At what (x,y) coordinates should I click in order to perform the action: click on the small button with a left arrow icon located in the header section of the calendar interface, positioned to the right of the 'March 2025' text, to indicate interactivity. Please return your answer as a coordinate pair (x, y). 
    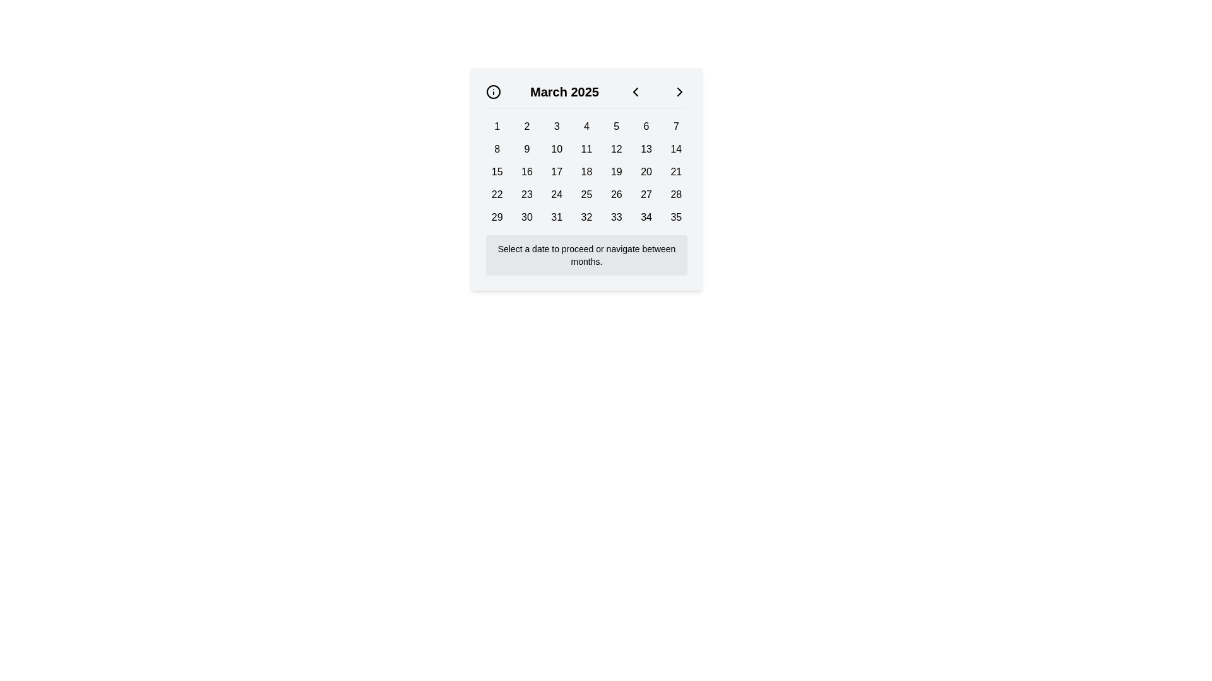
    Looking at the image, I should click on (636, 91).